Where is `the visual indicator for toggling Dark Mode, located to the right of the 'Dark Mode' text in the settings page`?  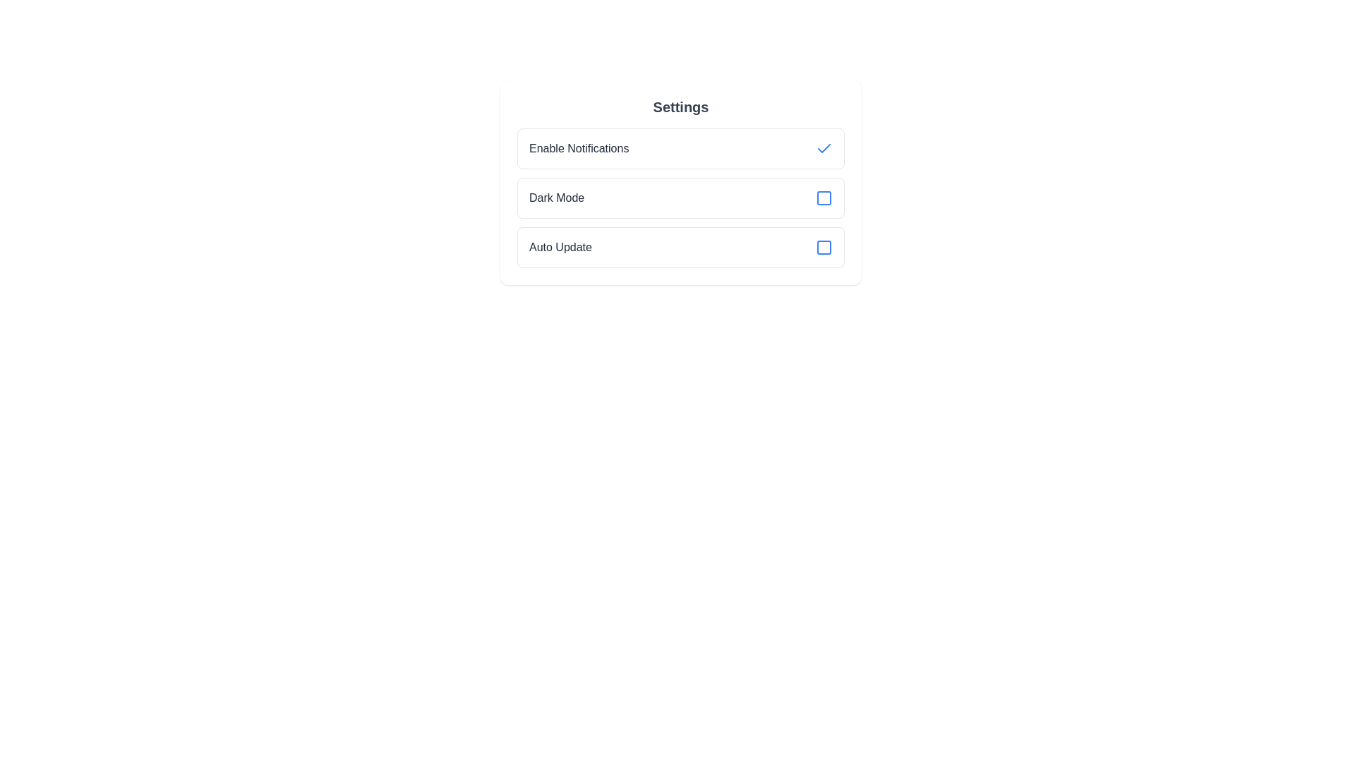
the visual indicator for toggling Dark Mode, located to the right of the 'Dark Mode' text in the settings page is located at coordinates (824, 198).